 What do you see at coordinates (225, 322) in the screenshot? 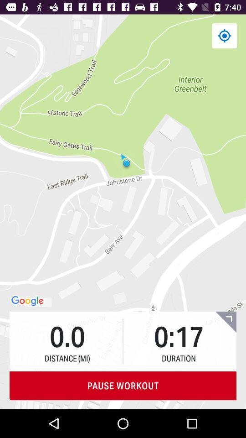
I see `window opening envelope toggle` at bounding box center [225, 322].